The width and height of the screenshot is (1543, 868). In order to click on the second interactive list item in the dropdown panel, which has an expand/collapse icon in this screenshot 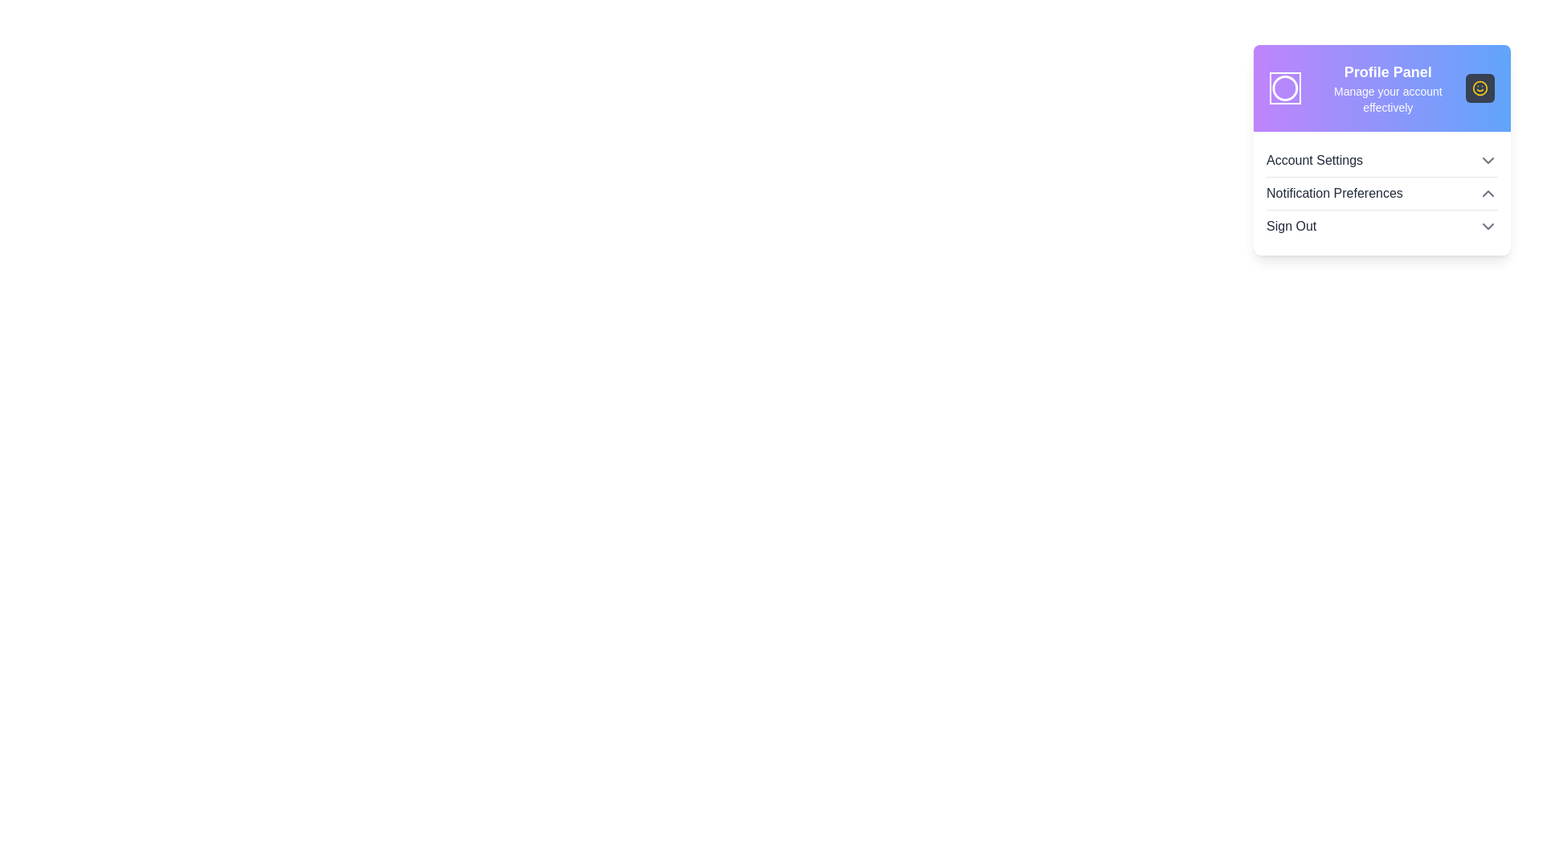, I will do `click(1381, 192)`.